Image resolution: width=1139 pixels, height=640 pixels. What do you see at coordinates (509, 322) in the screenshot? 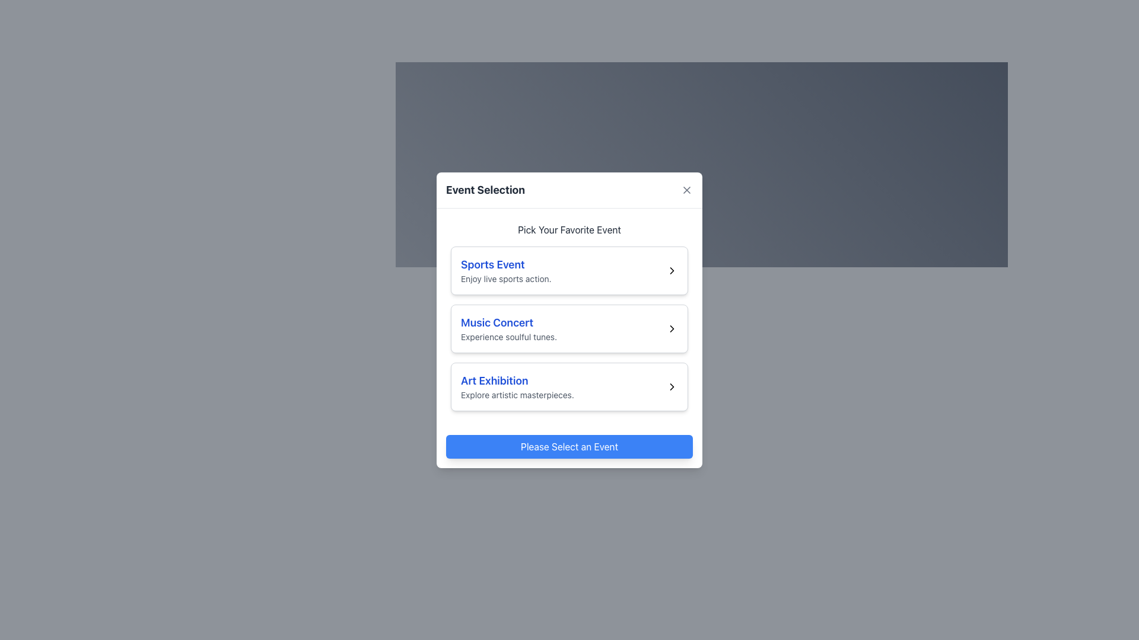
I see `the 'Music Concert' text label, which is a bold blue font indicating a section title in the modal dialog under 'Event Selection'` at bounding box center [509, 322].